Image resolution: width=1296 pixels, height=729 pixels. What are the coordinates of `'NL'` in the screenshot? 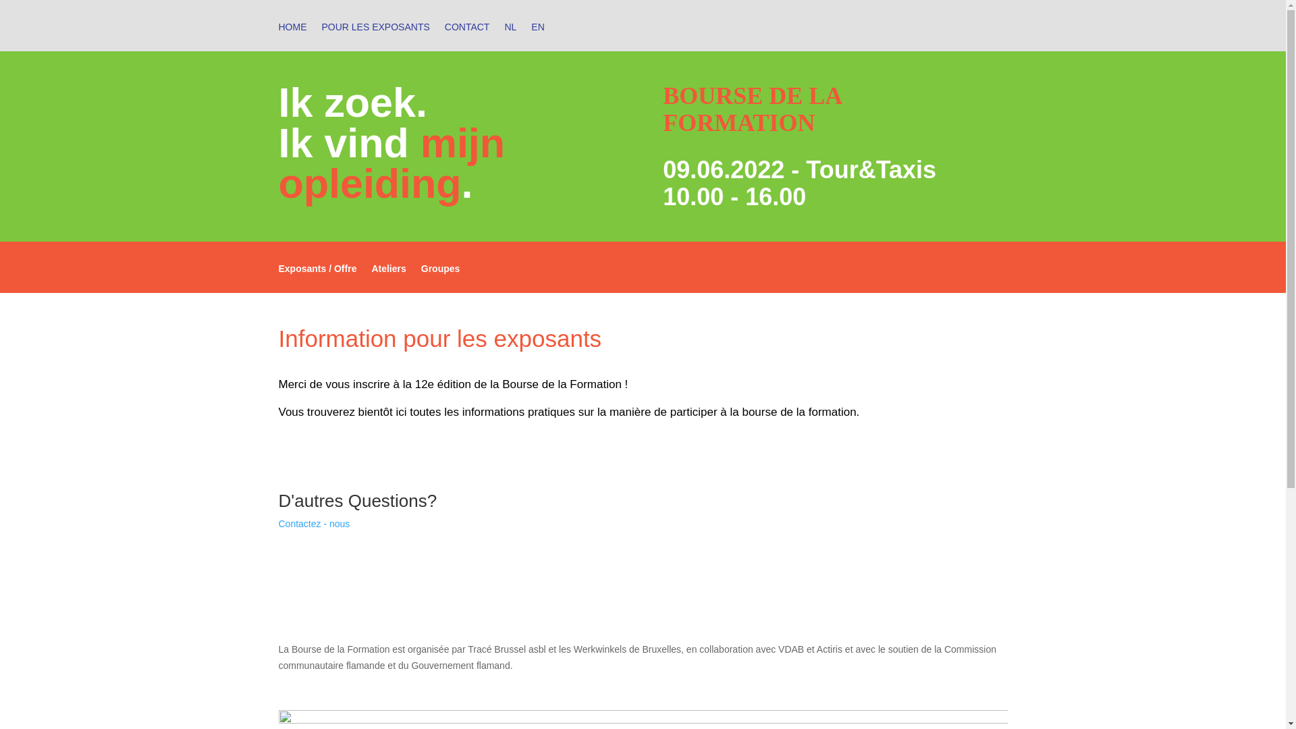 It's located at (509, 36).